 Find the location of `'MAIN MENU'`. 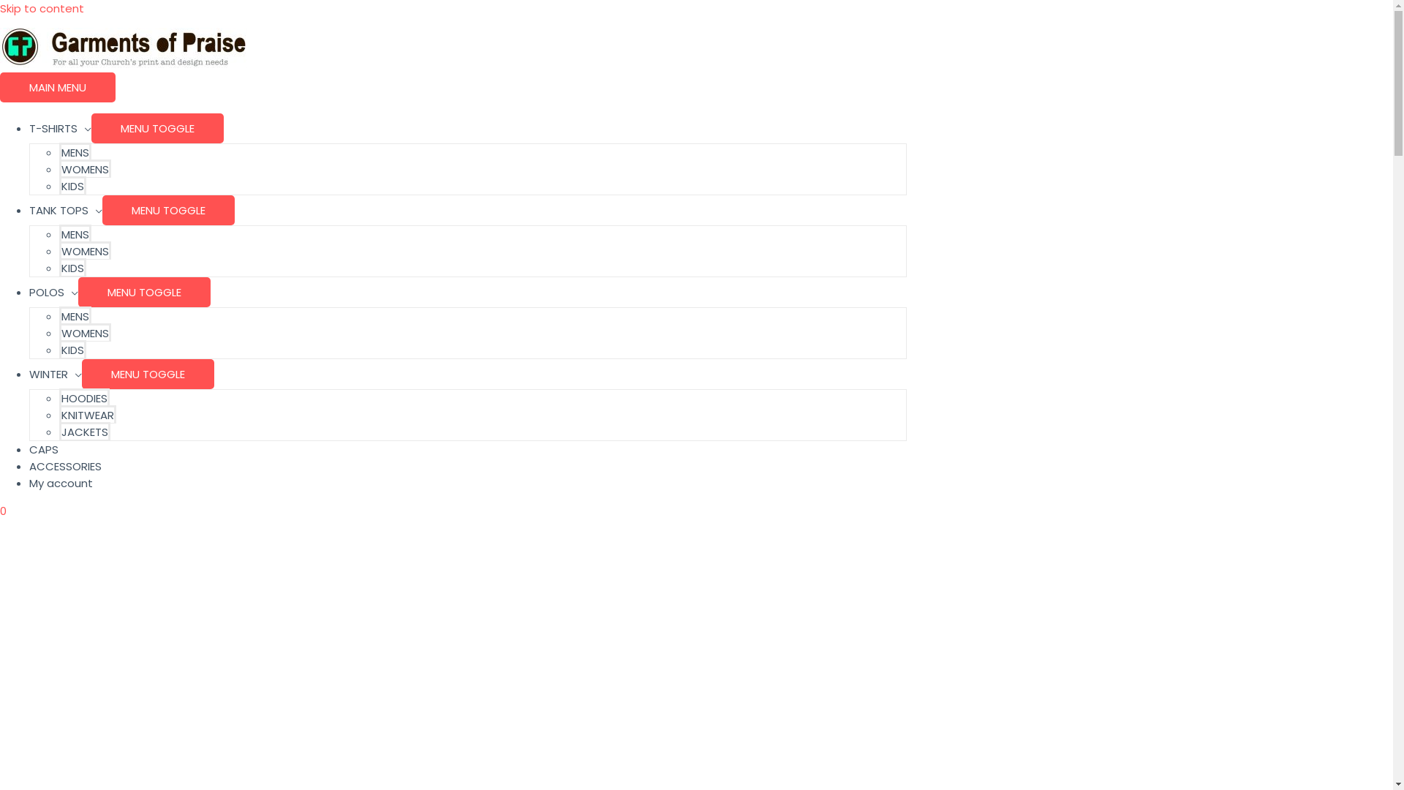

'MAIN MENU' is located at coordinates (57, 87).